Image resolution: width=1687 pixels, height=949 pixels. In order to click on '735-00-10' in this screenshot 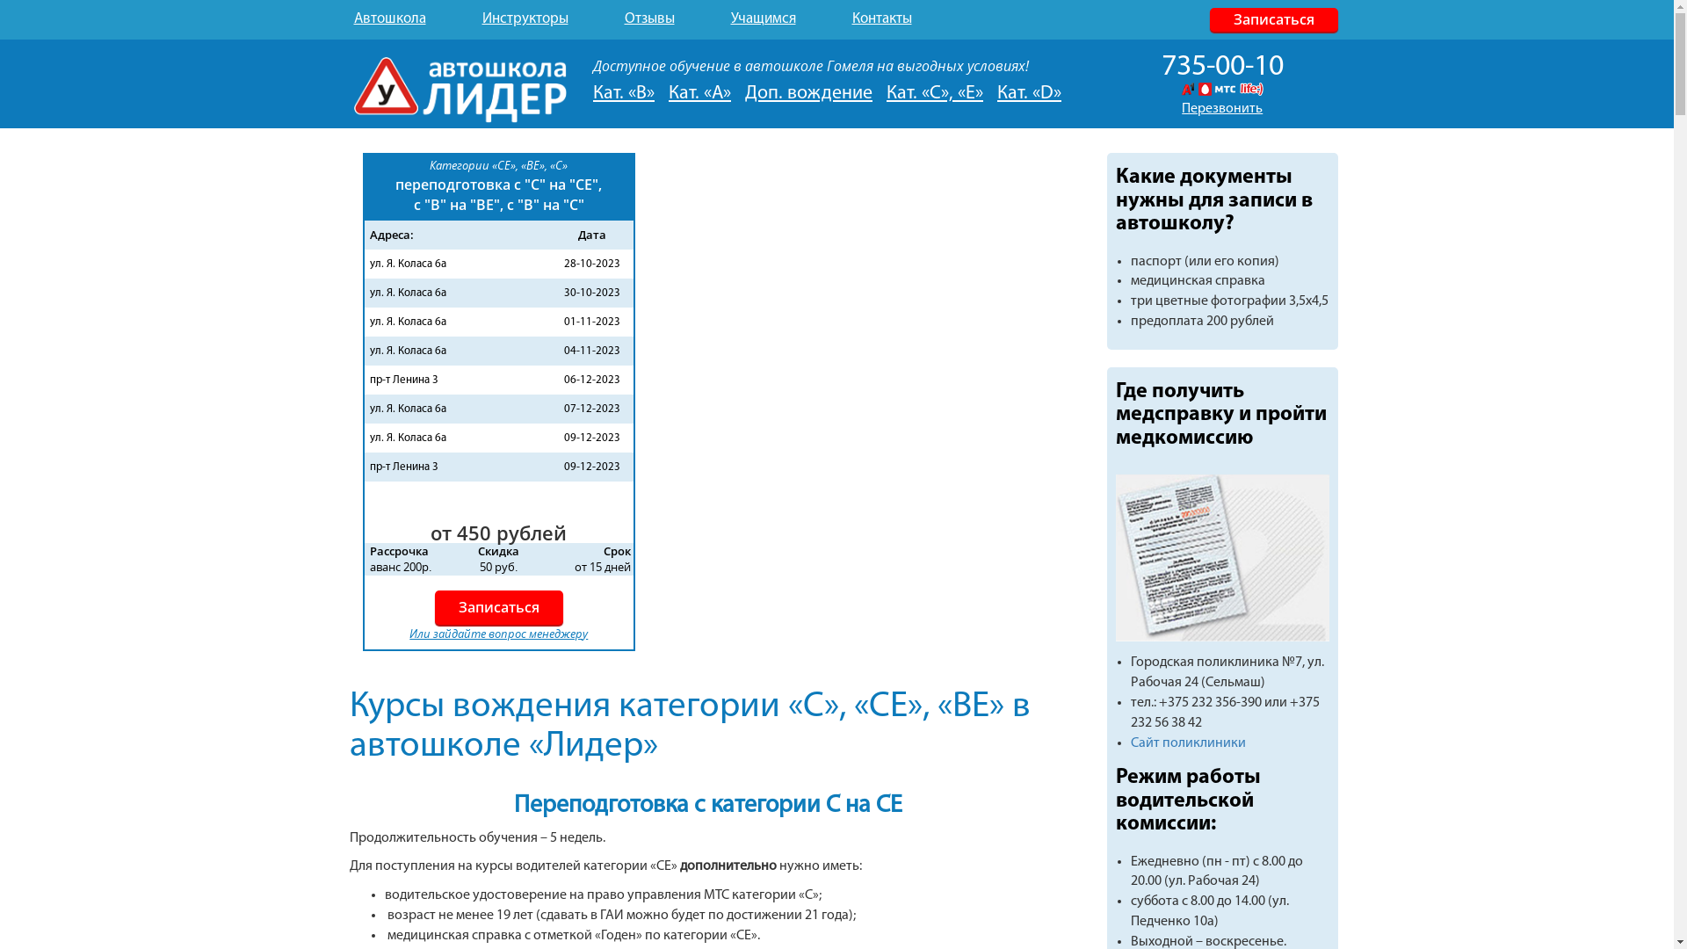, I will do `click(1221, 66)`.